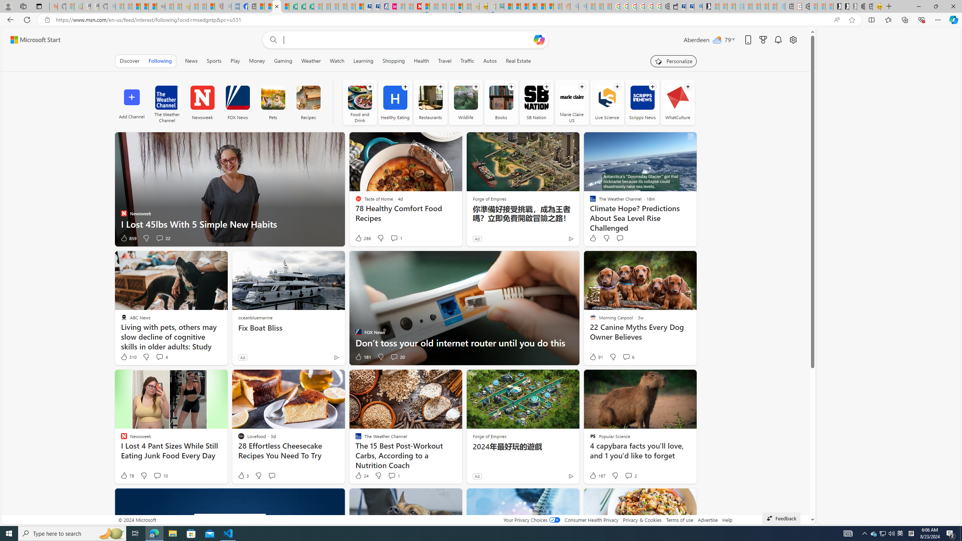 Image resolution: width=962 pixels, height=541 pixels. What do you see at coordinates (361, 475) in the screenshot?
I see `'24 Like'` at bounding box center [361, 475].